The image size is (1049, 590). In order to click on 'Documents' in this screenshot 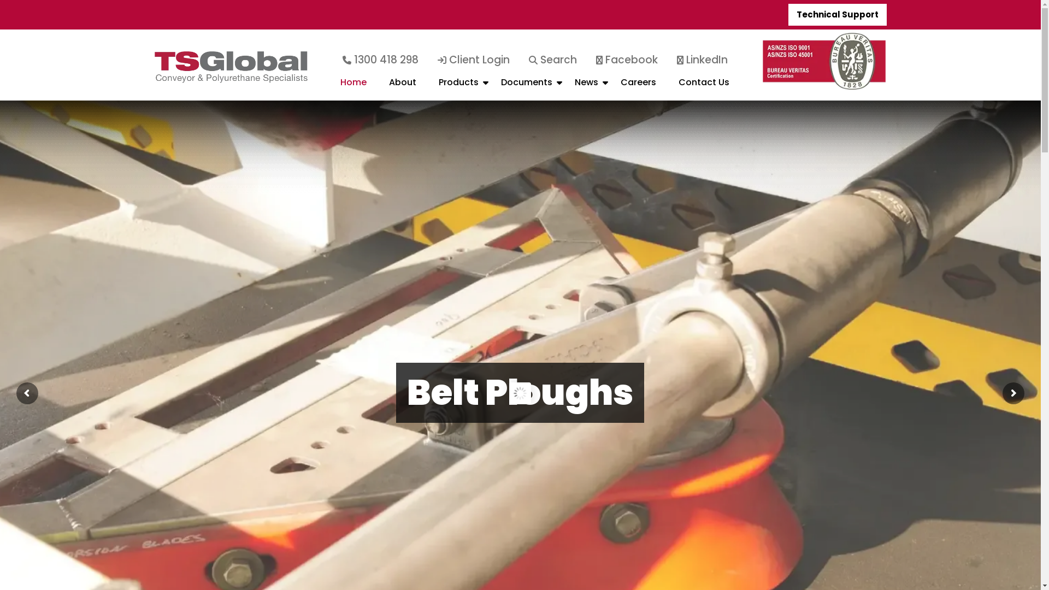, I will do `click(527, 86)`.